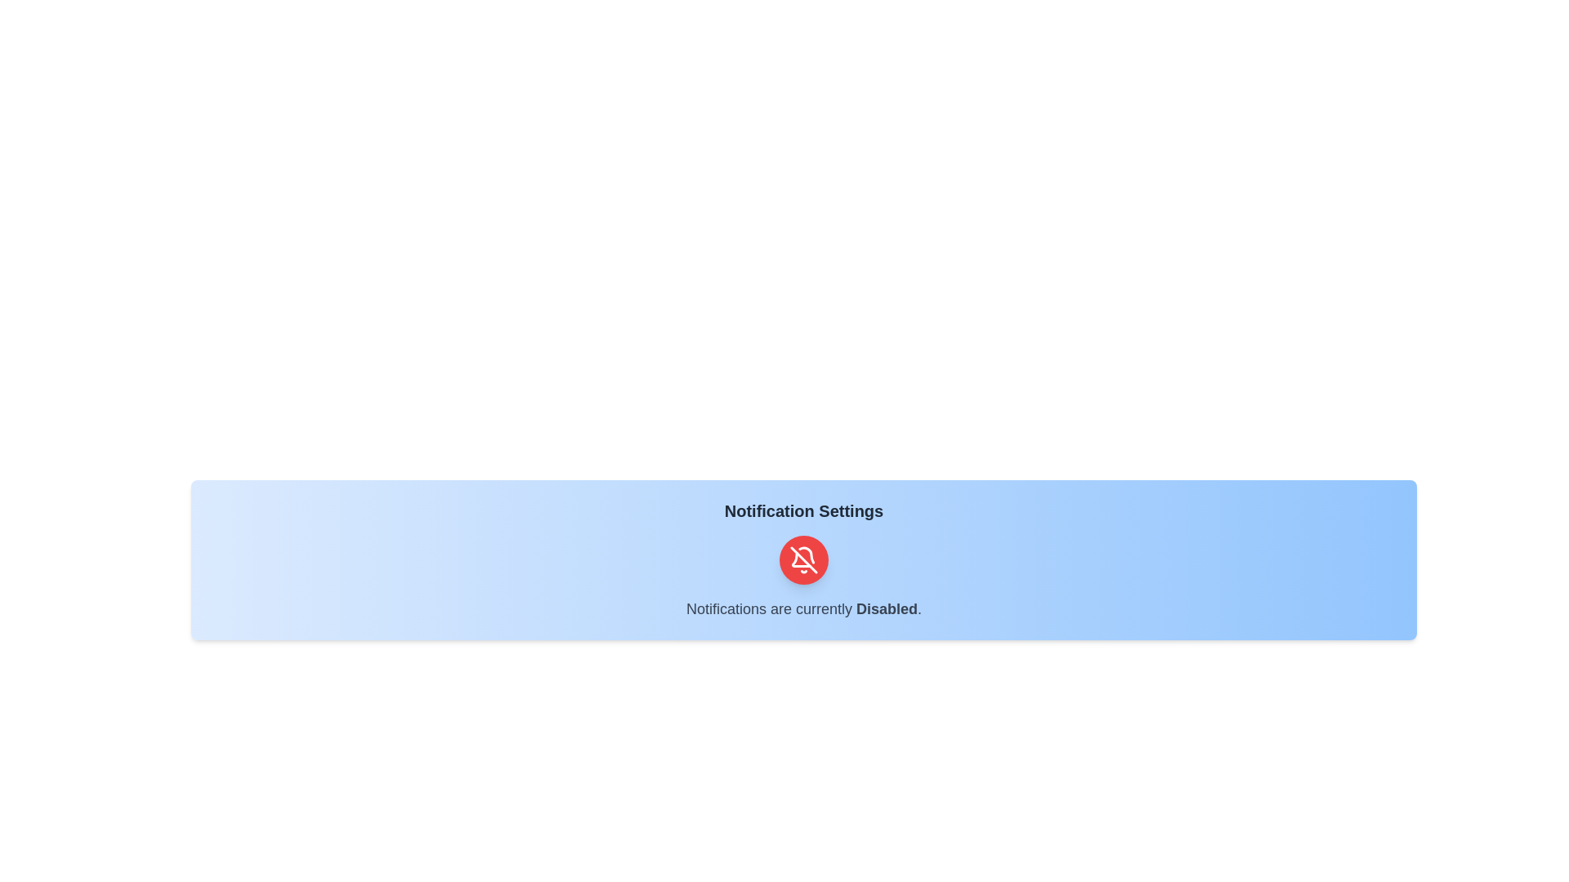  What do you see at coordinates (803, 559) in the screenshot?
I see `the toggle button to change the notification status` at bounding box center [803, 559].